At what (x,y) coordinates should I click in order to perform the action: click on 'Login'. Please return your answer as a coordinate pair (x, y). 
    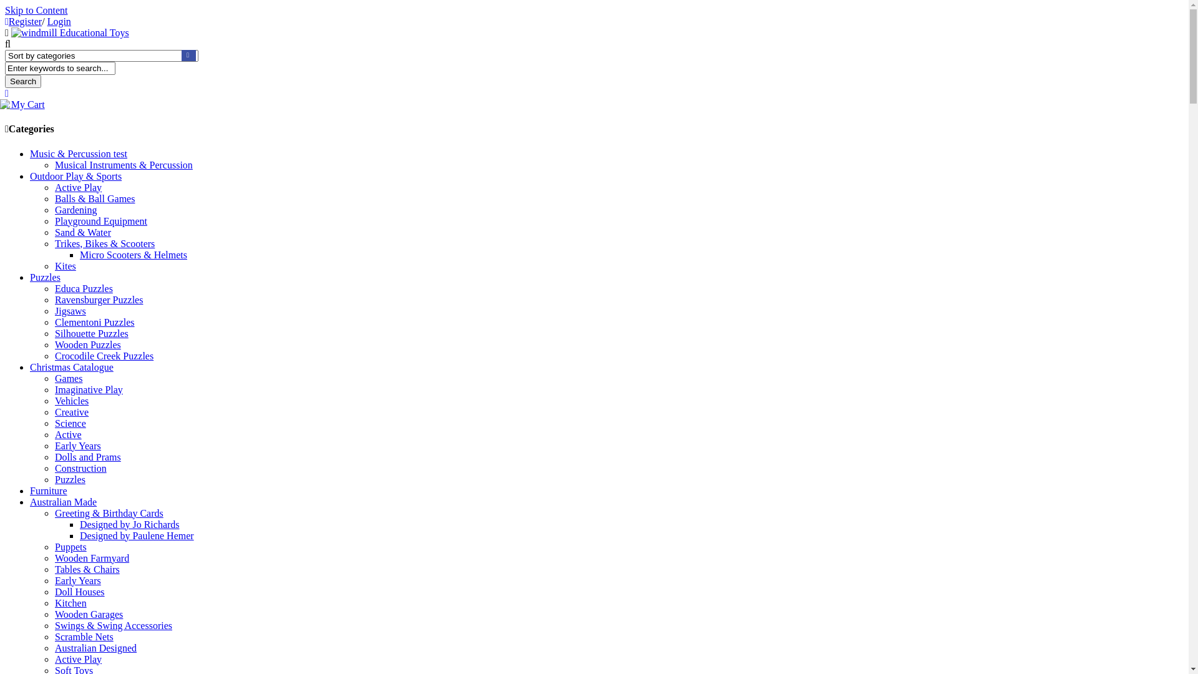
    Looking at the image, I should click on (47, 21).